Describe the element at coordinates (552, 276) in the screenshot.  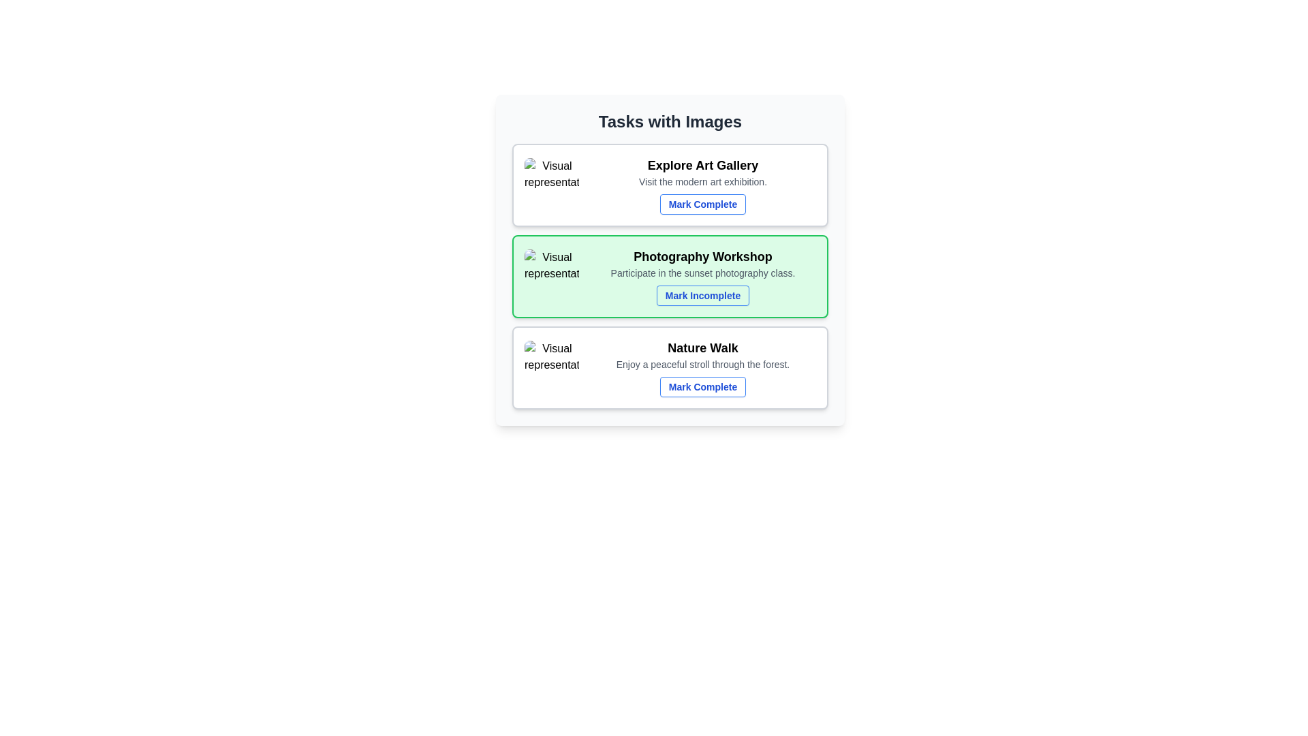
I see `the thumbnail image of the task to view its details. The parameter Photography Workshop specifies the task whose image should be clicked` at that location.